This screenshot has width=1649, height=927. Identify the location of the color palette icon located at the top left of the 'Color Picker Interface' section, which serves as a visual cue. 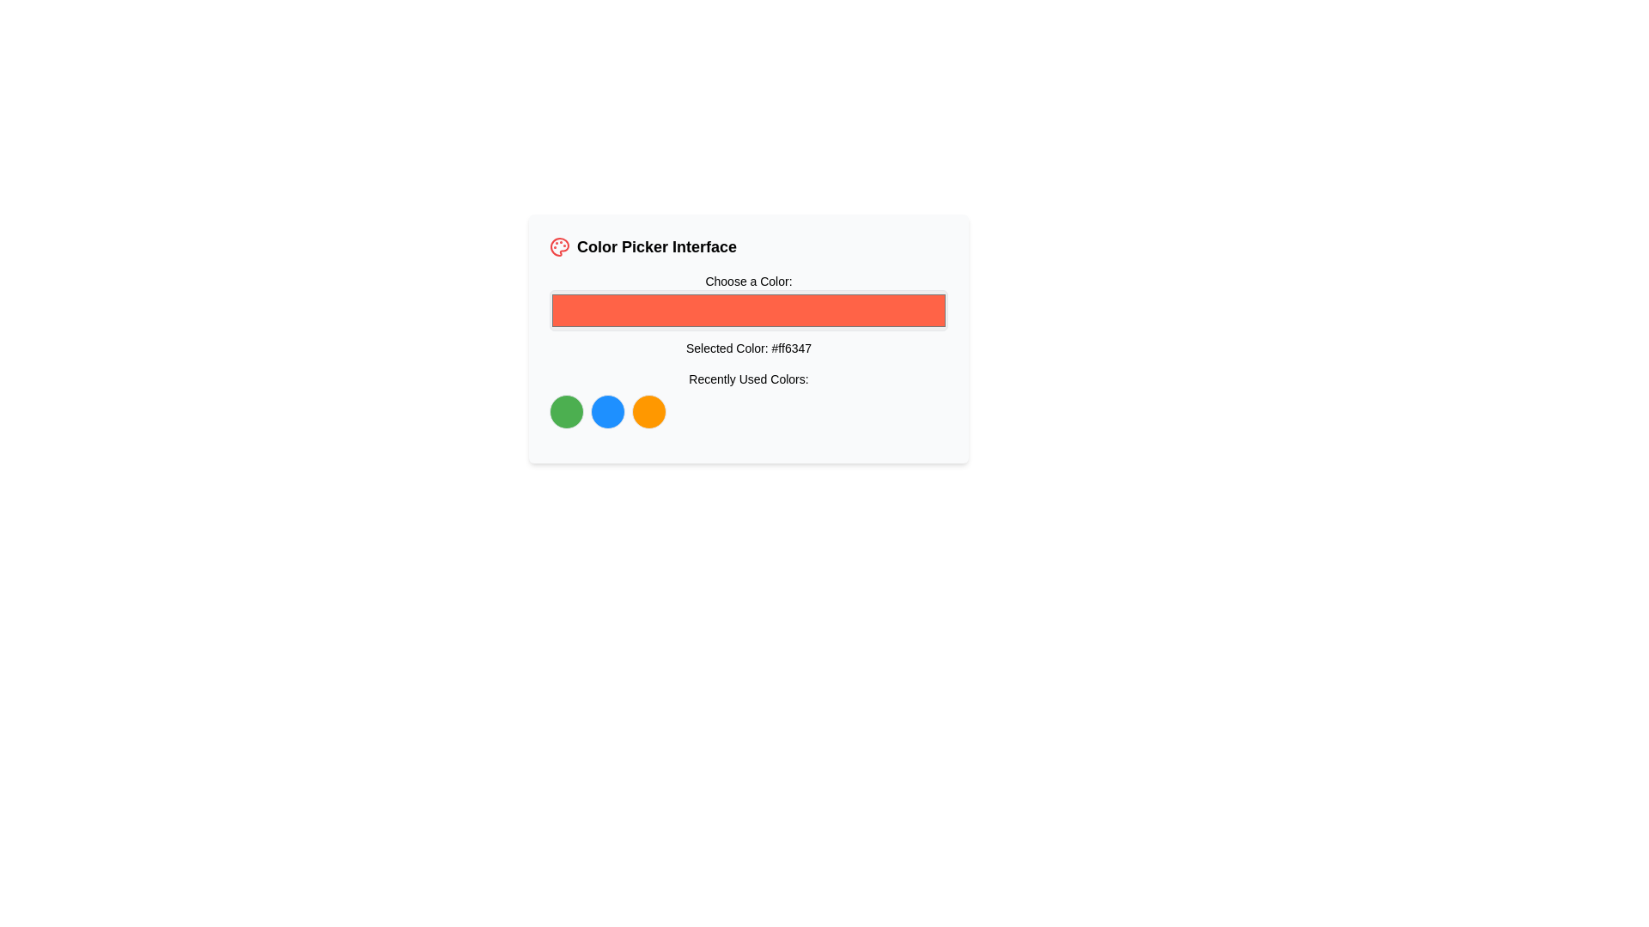
(560, 247).